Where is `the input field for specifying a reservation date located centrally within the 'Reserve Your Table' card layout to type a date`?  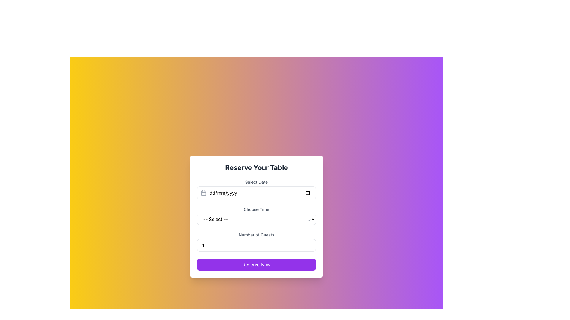 the input field for specifying a reservation date located centrally within the 'Reserve Your Table' card layout to type a date is located at coordinates (256, 189).